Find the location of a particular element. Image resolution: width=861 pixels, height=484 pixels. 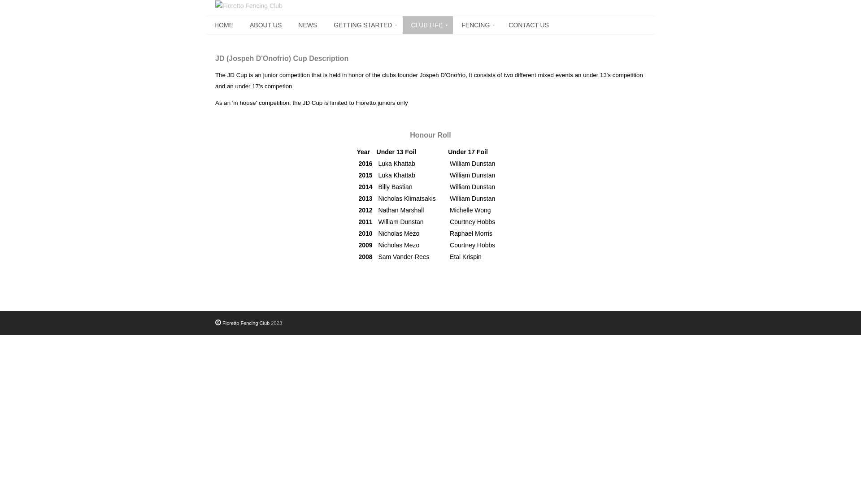

'GETTING STARTED' is located at coordinates (364, 25).